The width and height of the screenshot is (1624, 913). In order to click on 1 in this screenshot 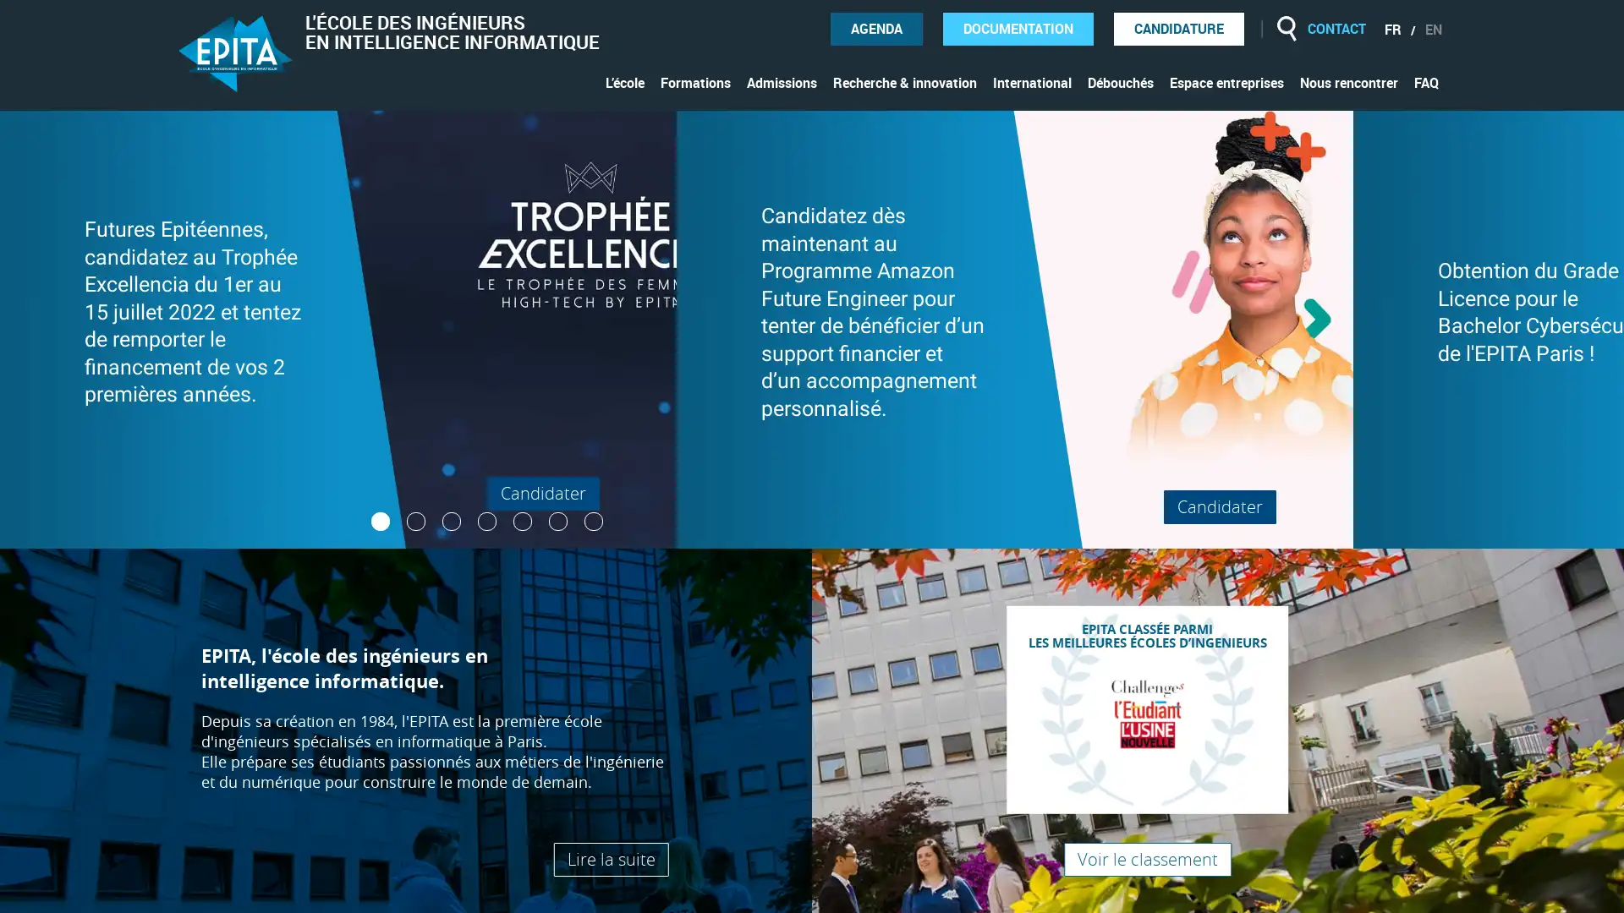, I will do `click(380, 517)`.